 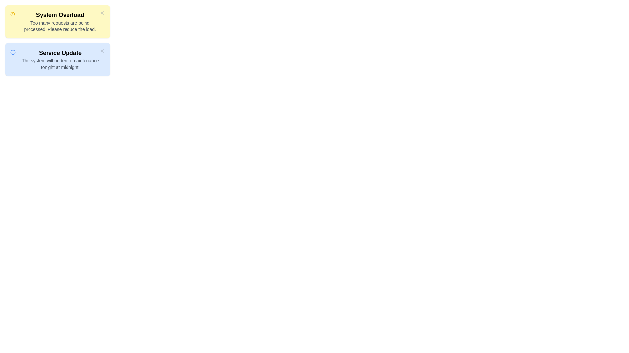 I want to click on the Informational Dialog Box that alerts users about the system update involving maintenance at midnight for reading, so click(x=58, y=59).